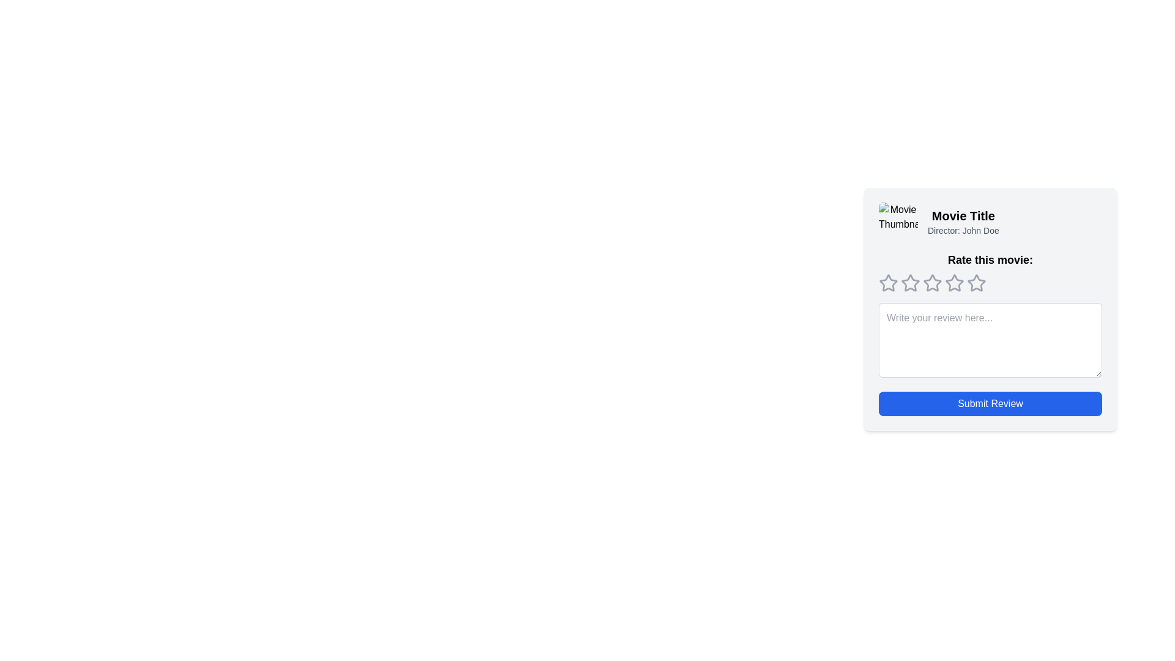  I want to click on the third star icon in the rating system below the text 'Rate this movie:', so click(954, 283).